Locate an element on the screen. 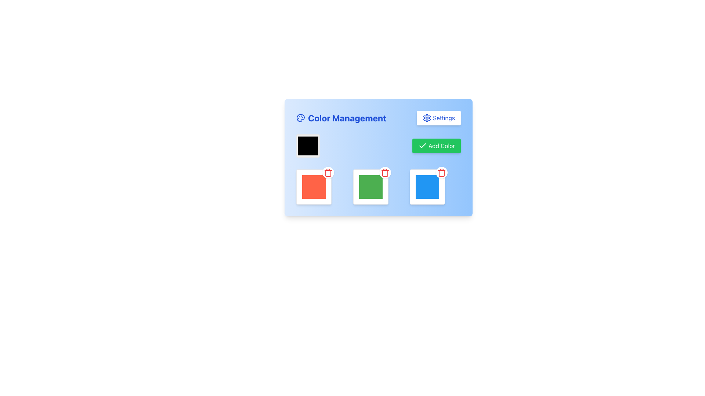 The image size is (705, 396). the color management icon located on the left side of the 'Color Management' title in the blue panel is located at coordinates (301, 117).